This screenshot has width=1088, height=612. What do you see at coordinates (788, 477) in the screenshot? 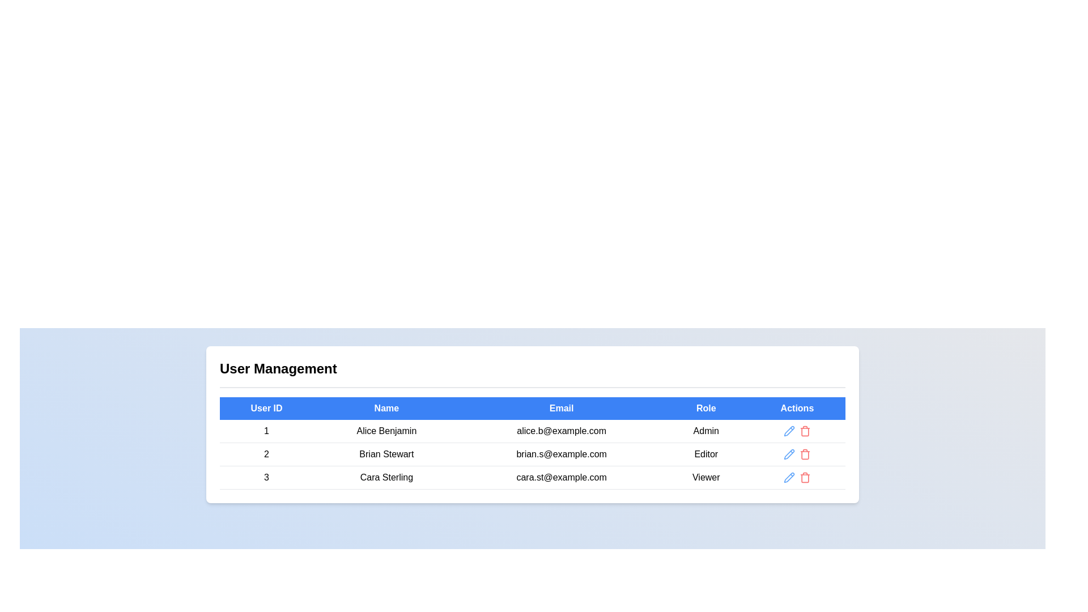
I see `the pencil icon button in the 'Actions' column of the third row` at bounding box center [788, 477].